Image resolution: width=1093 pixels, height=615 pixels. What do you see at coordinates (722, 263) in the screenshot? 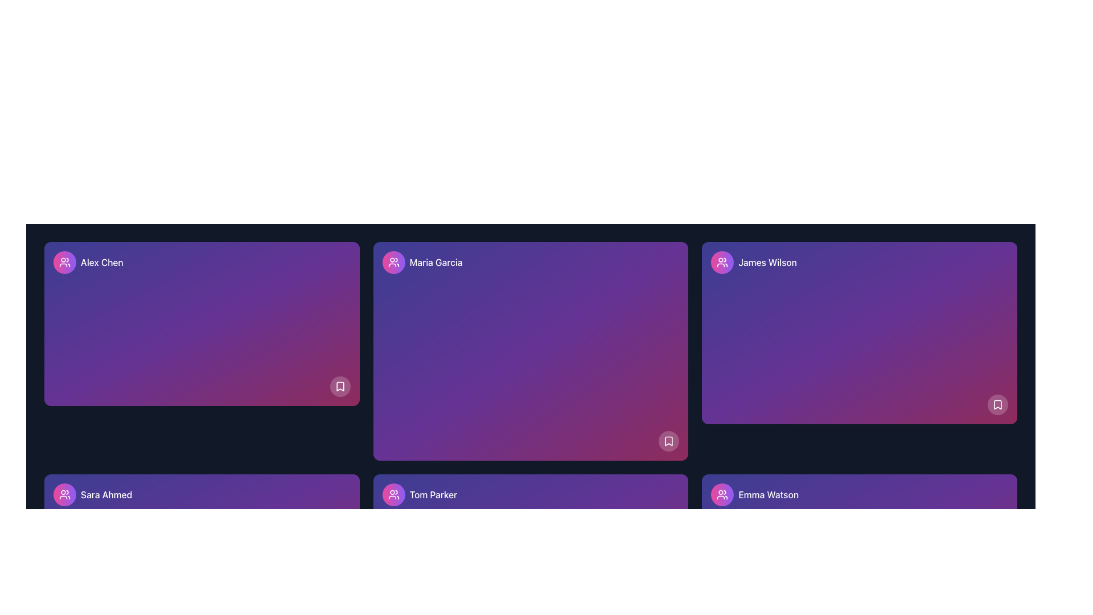
I see `the decorative and informative icon associated with the 'James Wilson' card located in the upper-left corner of the card` at bounding box center [722, 263].